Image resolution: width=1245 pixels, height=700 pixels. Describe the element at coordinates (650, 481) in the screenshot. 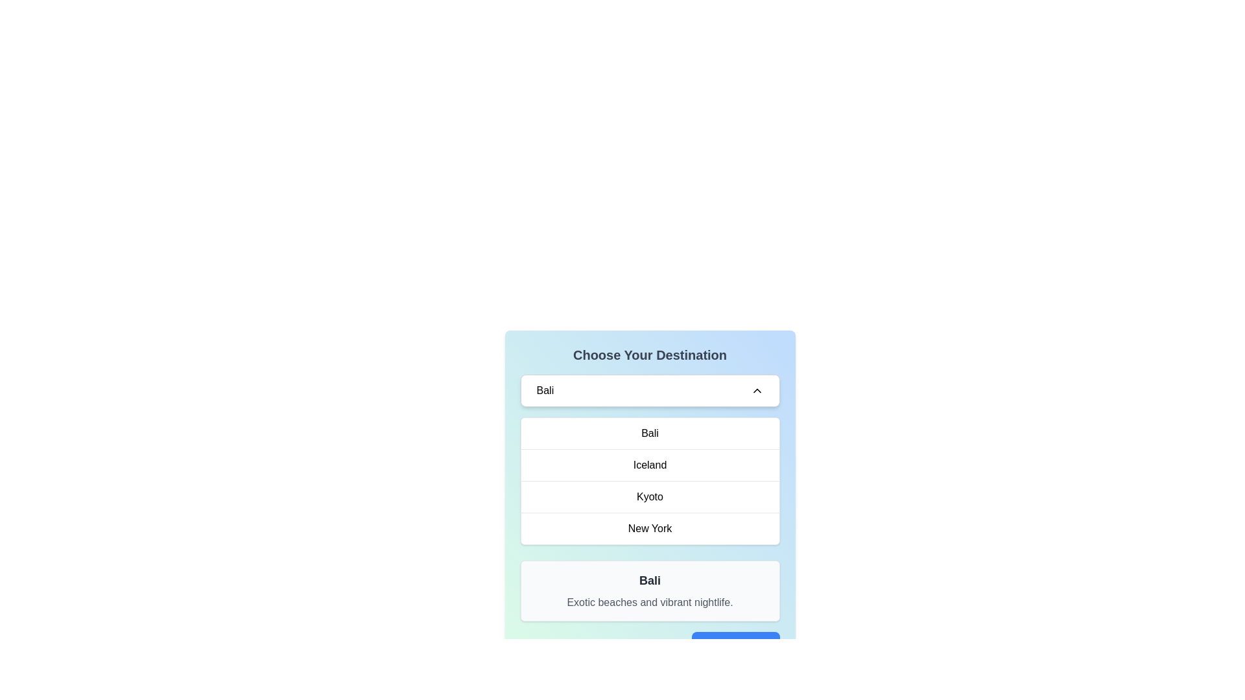

I see `the dropdown menu` at that location.